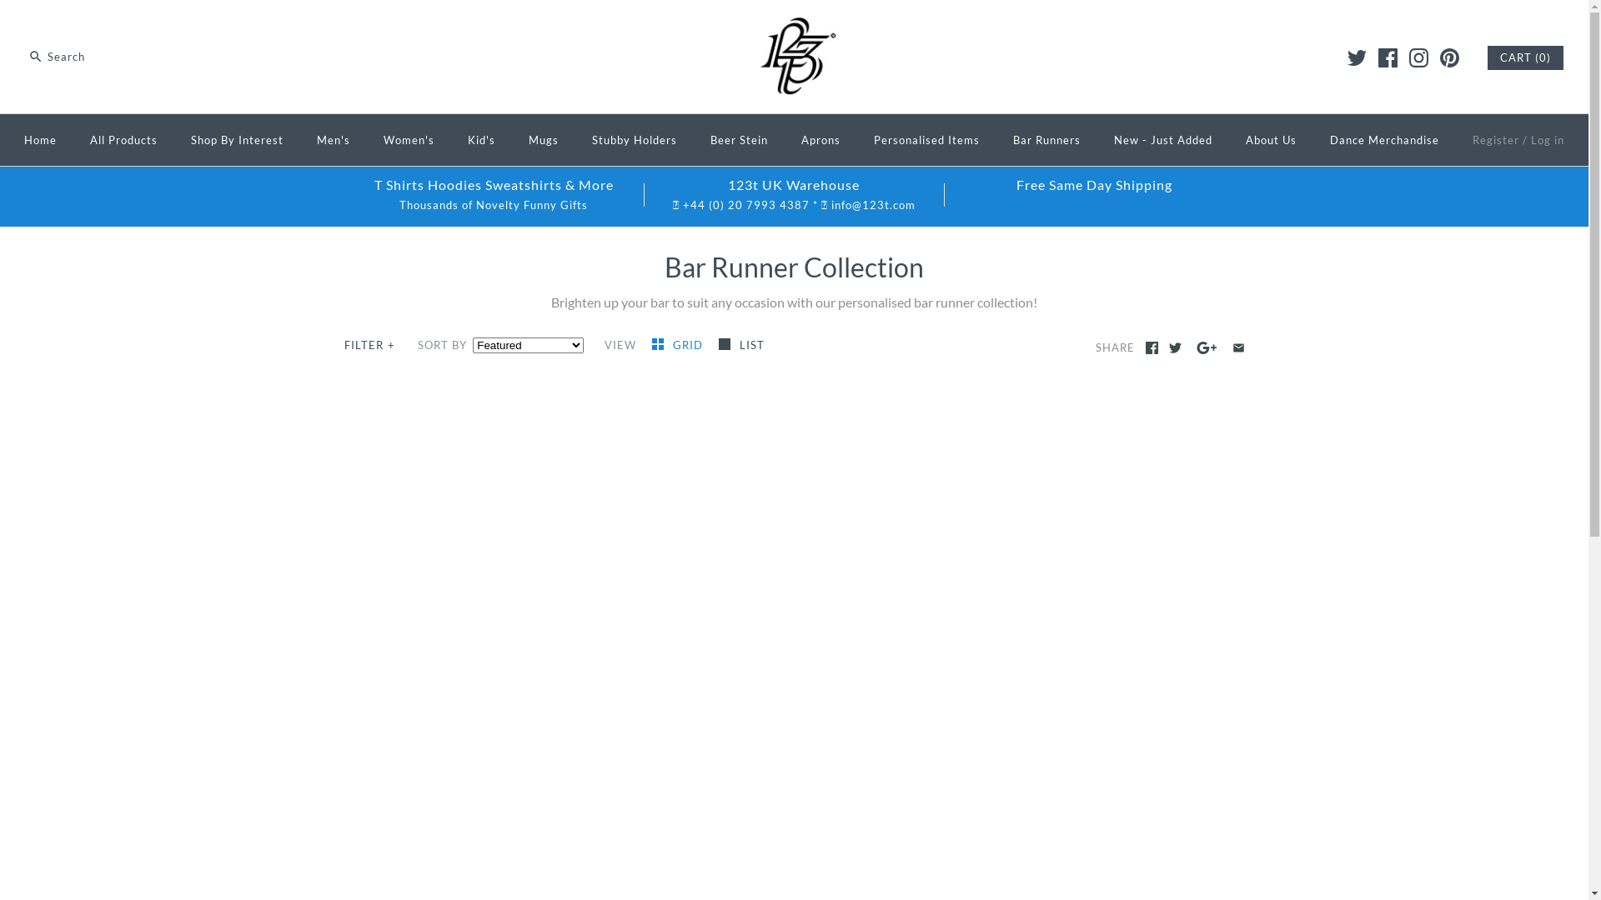 Image resolution: width=1601 pixels, height=900 pixels. What do you see at coordinates (1162, 139) in the screenshot?
I see `'New - Just Added'` at bounding box center [1162, 139].